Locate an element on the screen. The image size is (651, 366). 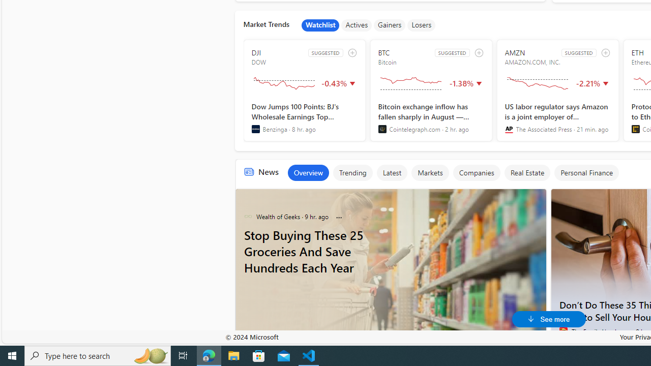
'Dow Jumps 100 Points; BJ' is located at coordinates (304, 117).